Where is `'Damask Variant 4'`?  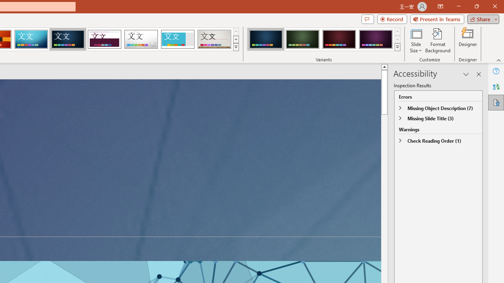
'Damask Variant 4' is located at coordinates (375, 39).